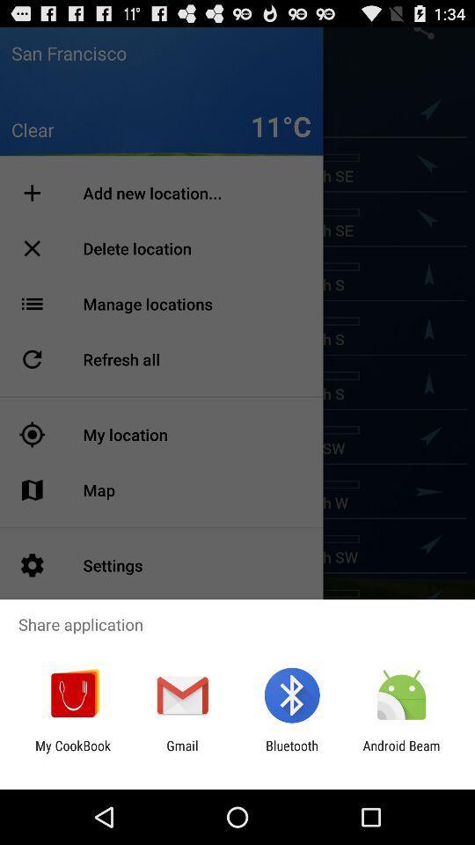  What do you see at coordinates (181, 753) in the screenshot?
I see `gmail item` at bounding box center [181, 753].